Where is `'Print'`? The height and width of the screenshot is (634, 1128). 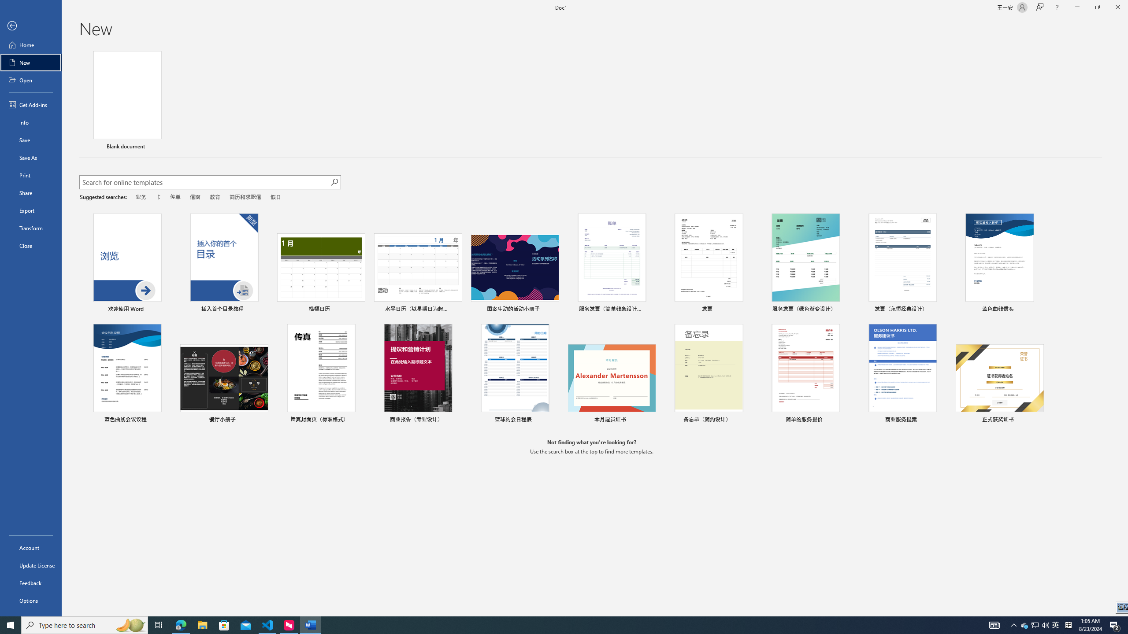
'Print' is located at coordinates (30, 175).